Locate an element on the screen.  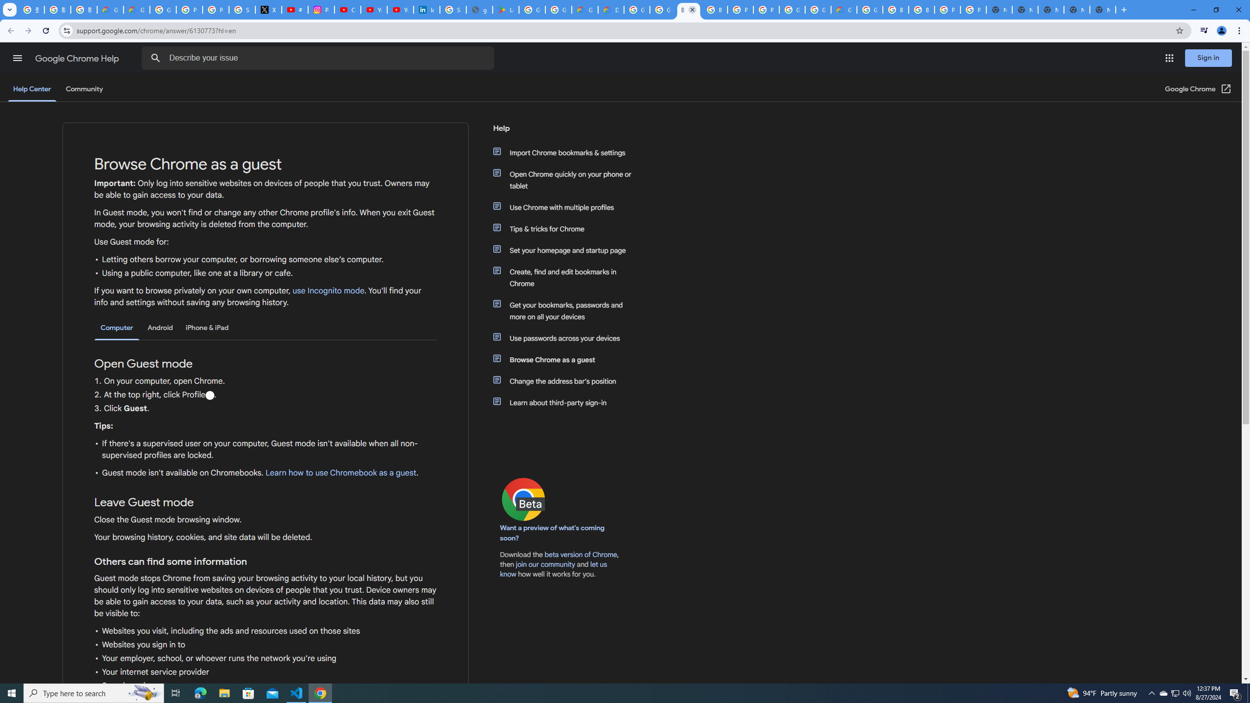
'Use passwords across your devices' is located at coordinates (567, 338).